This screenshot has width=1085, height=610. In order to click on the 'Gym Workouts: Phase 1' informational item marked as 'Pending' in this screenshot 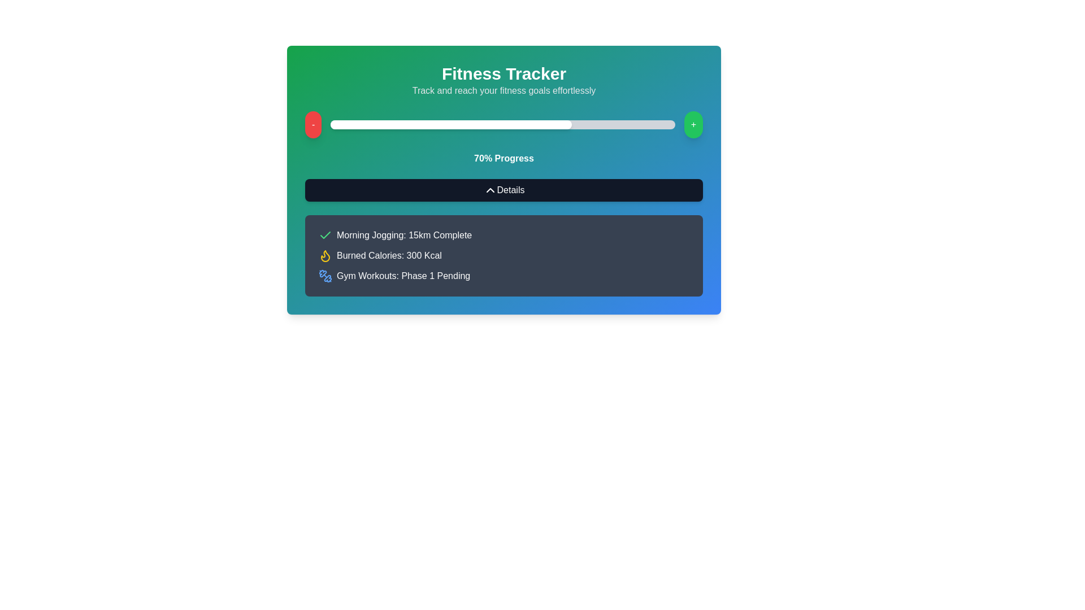, I will do `click(504, 276)`.